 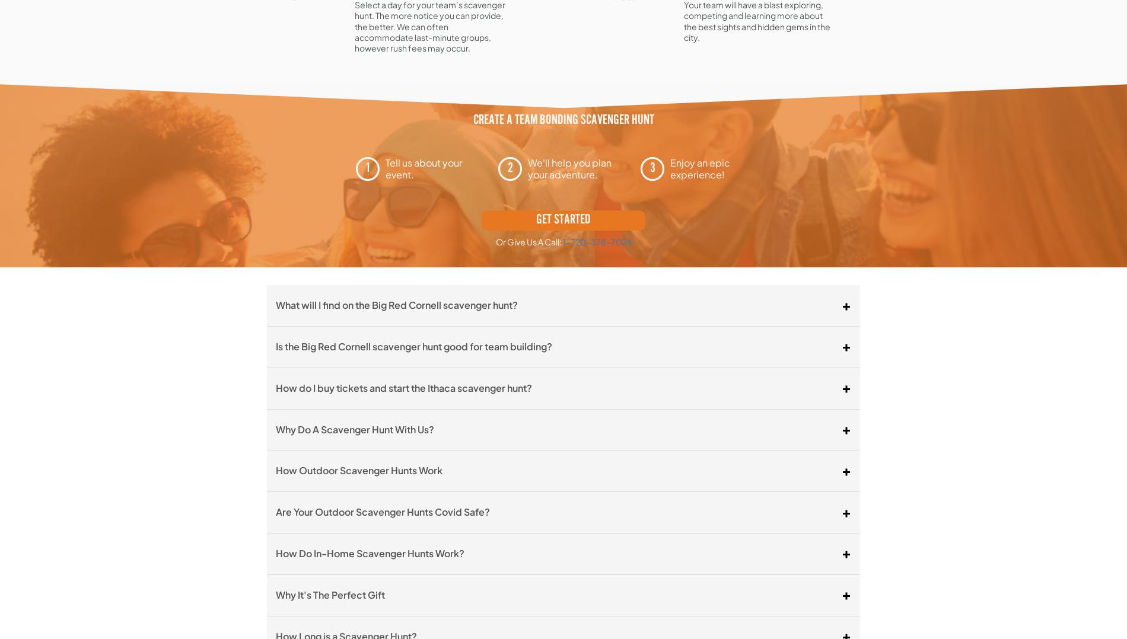 I want to click on 'Enjoy an epic experience!', so click(x=700, y=168).